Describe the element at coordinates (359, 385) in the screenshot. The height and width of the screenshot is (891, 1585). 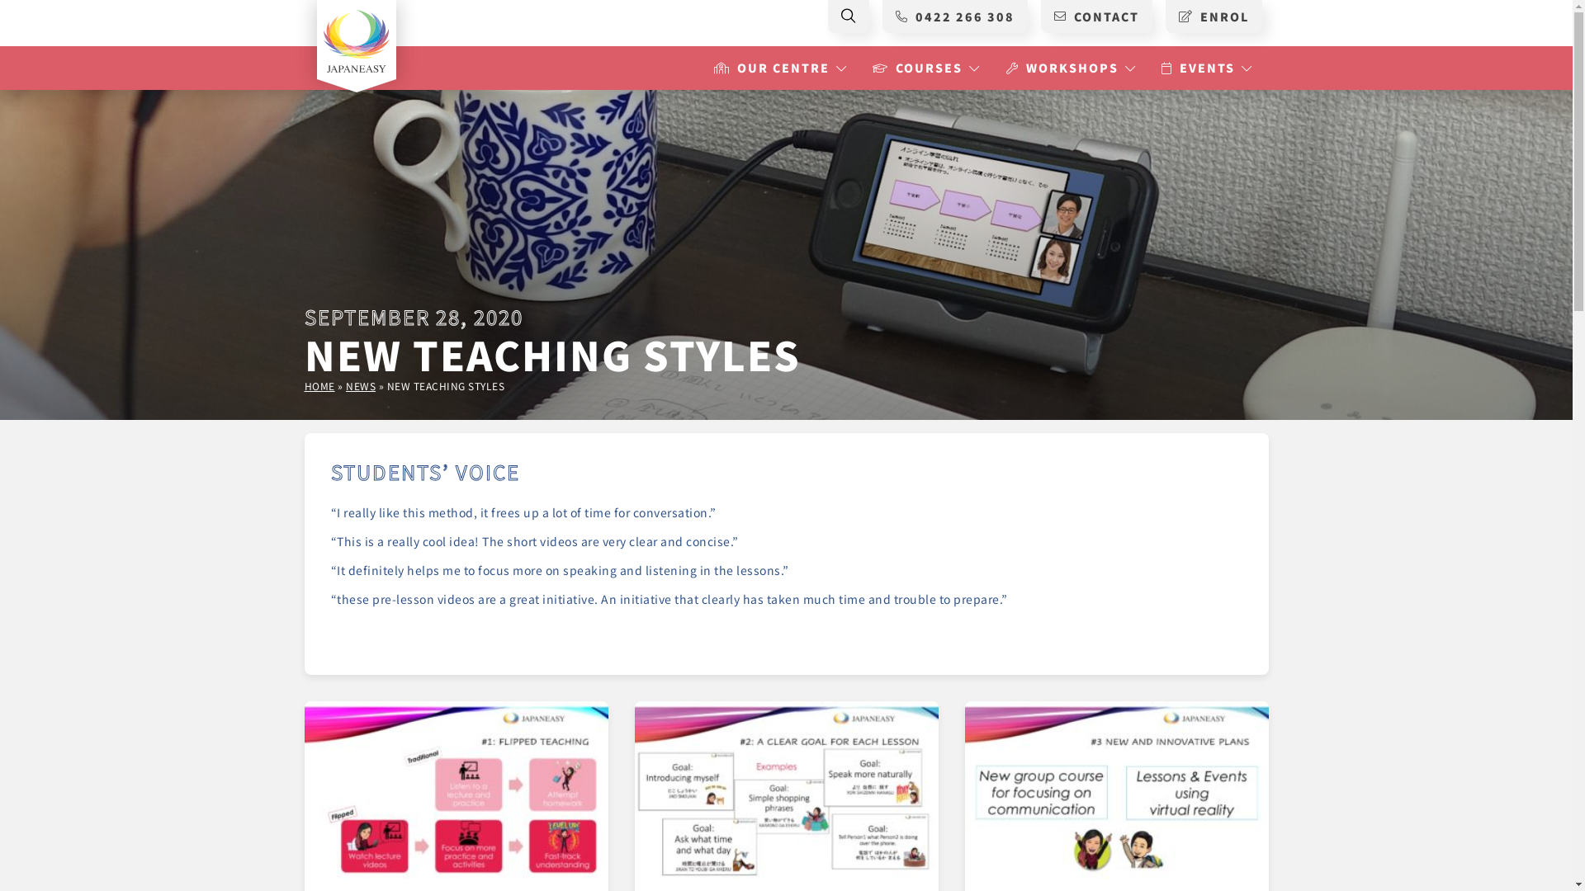
I see `'NEWS'` at that location.